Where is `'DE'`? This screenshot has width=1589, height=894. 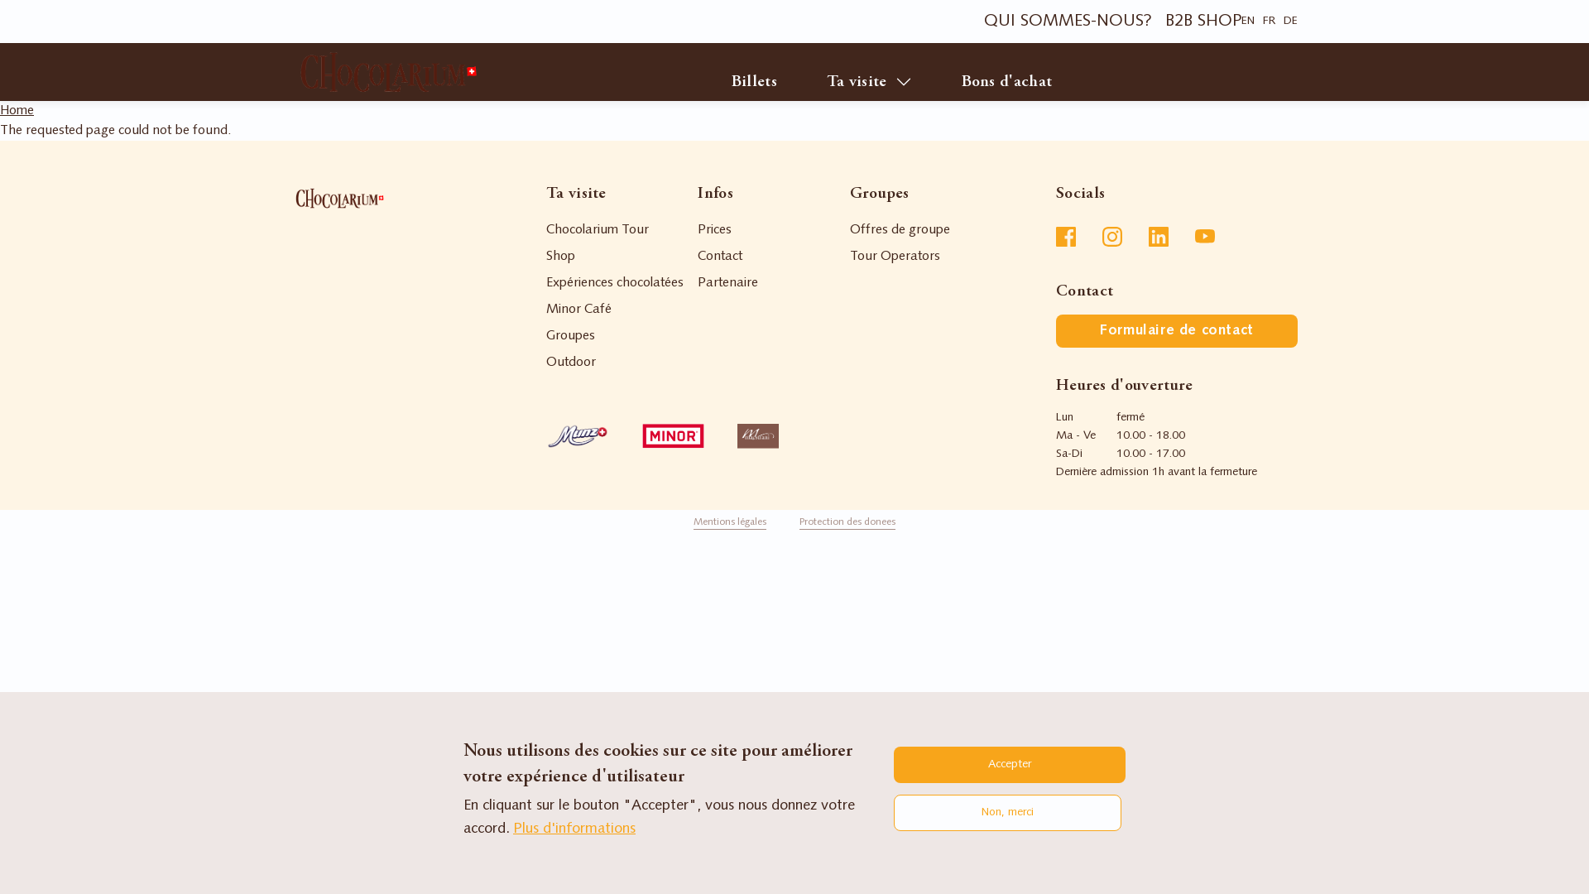 'DE' is located at coordinates (1289, 22).